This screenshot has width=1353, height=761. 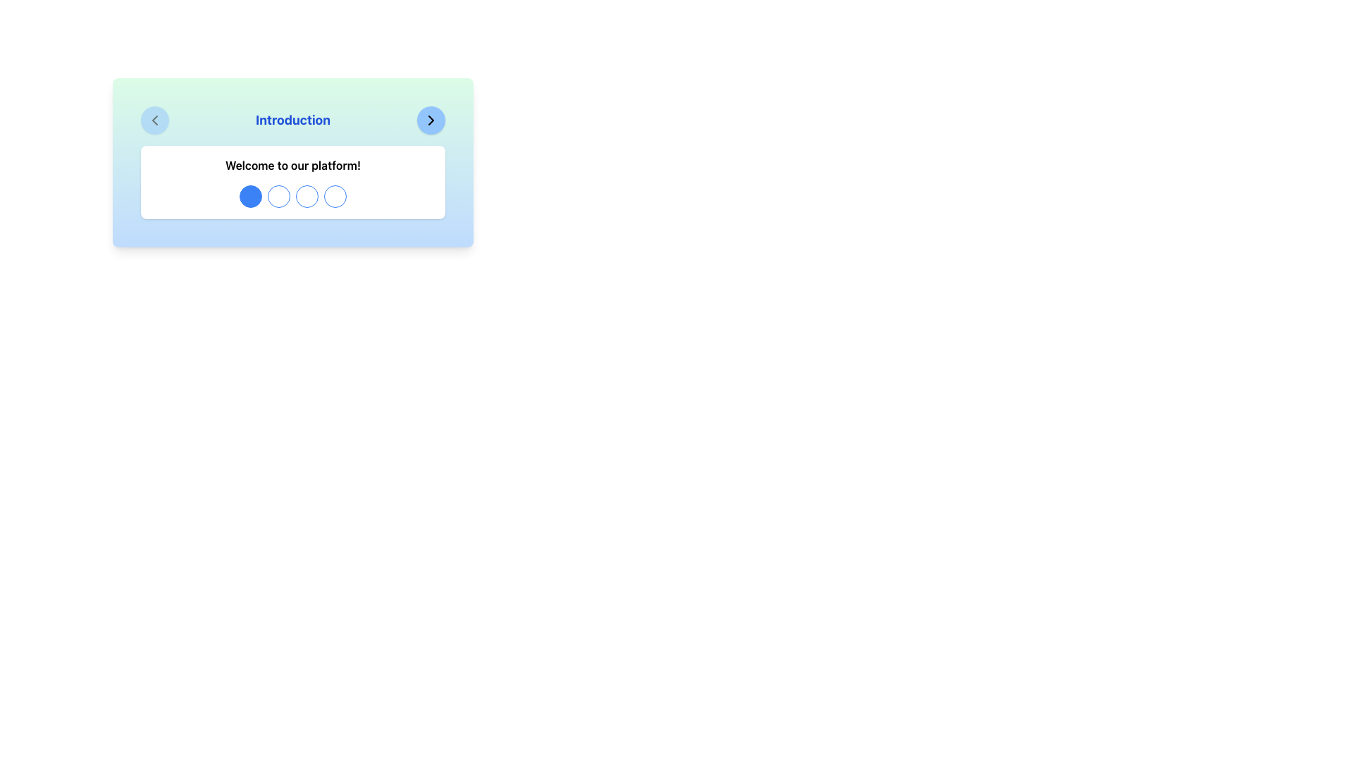 What do you see at coordinates (430, 119) in the screenshot?
I see `the 'Next' button located in the top section of the layout, aligned to the right of the bold blue 'Introduction' text` at bounding box center [430, 119].